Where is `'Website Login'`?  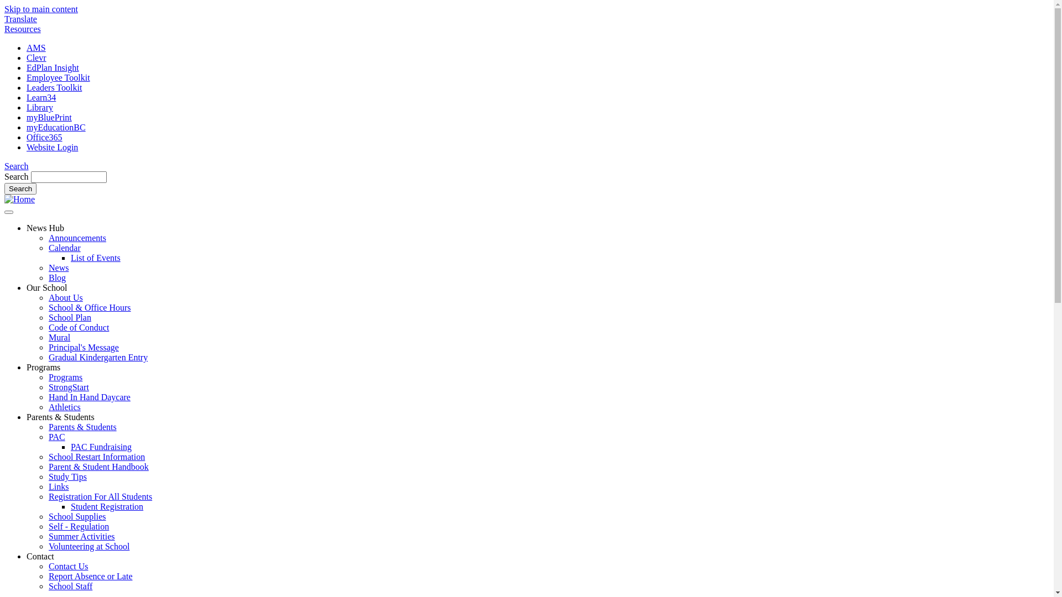 'Website Login' is located at coordinates (51, 146).